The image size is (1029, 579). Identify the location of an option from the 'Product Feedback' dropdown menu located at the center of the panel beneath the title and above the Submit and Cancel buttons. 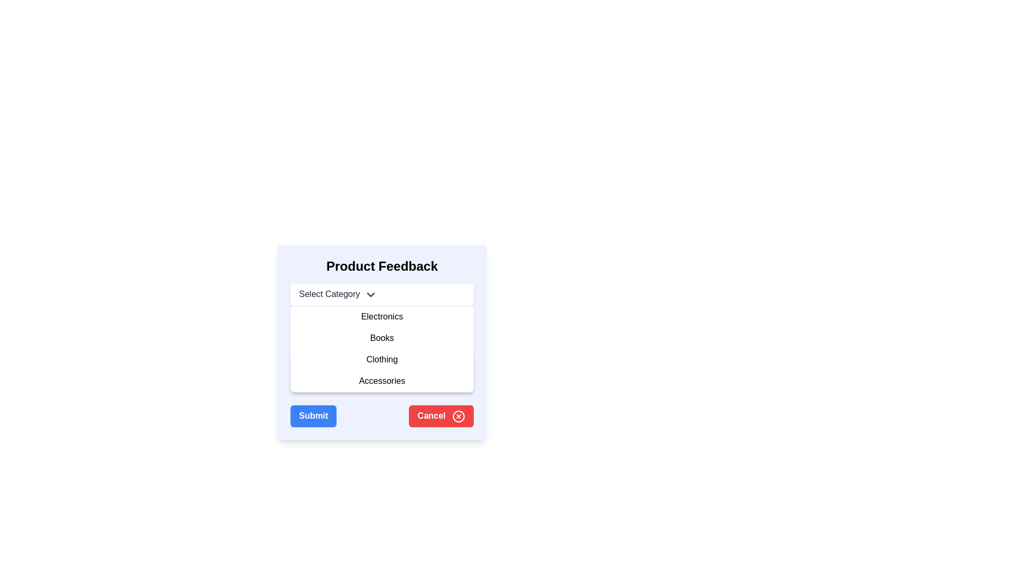
(382, 355).